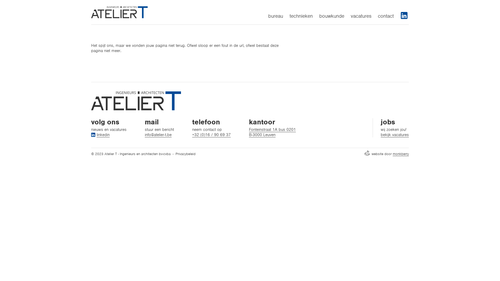 Image resolution: width=500 pixels, height=281 pixels. I want to click on 'vacatures', so click(361, 16).